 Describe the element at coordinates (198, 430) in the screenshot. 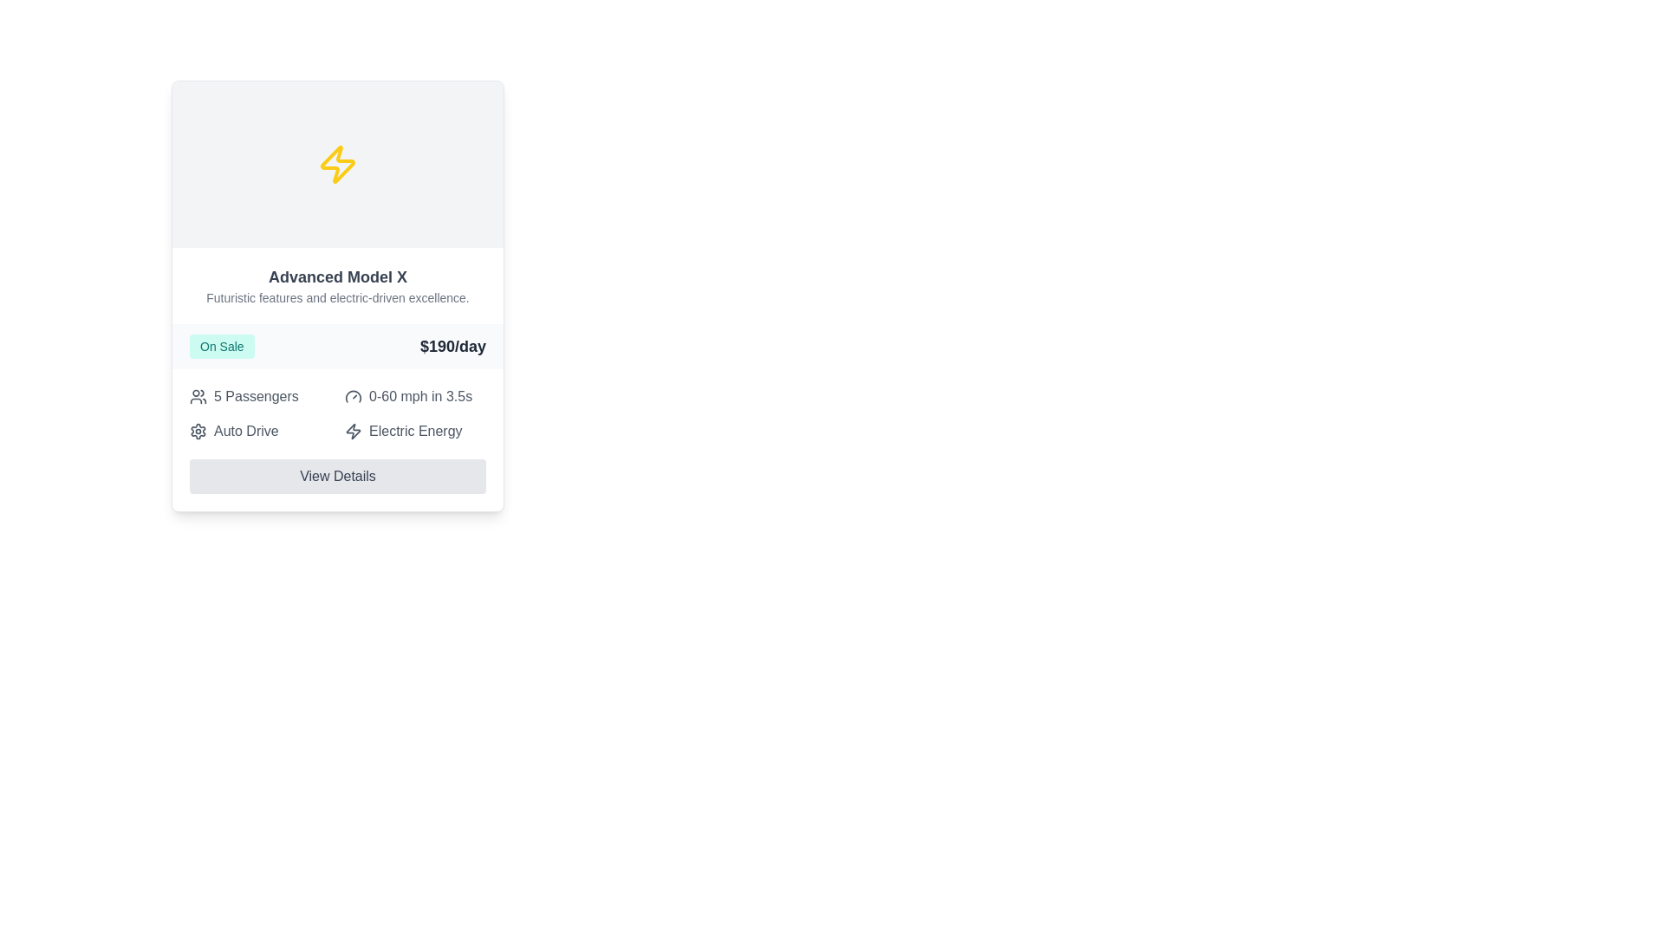

I see `the Settings icon located in the lower section of the card component, preceding the 'Auto Drive' text` at that location.